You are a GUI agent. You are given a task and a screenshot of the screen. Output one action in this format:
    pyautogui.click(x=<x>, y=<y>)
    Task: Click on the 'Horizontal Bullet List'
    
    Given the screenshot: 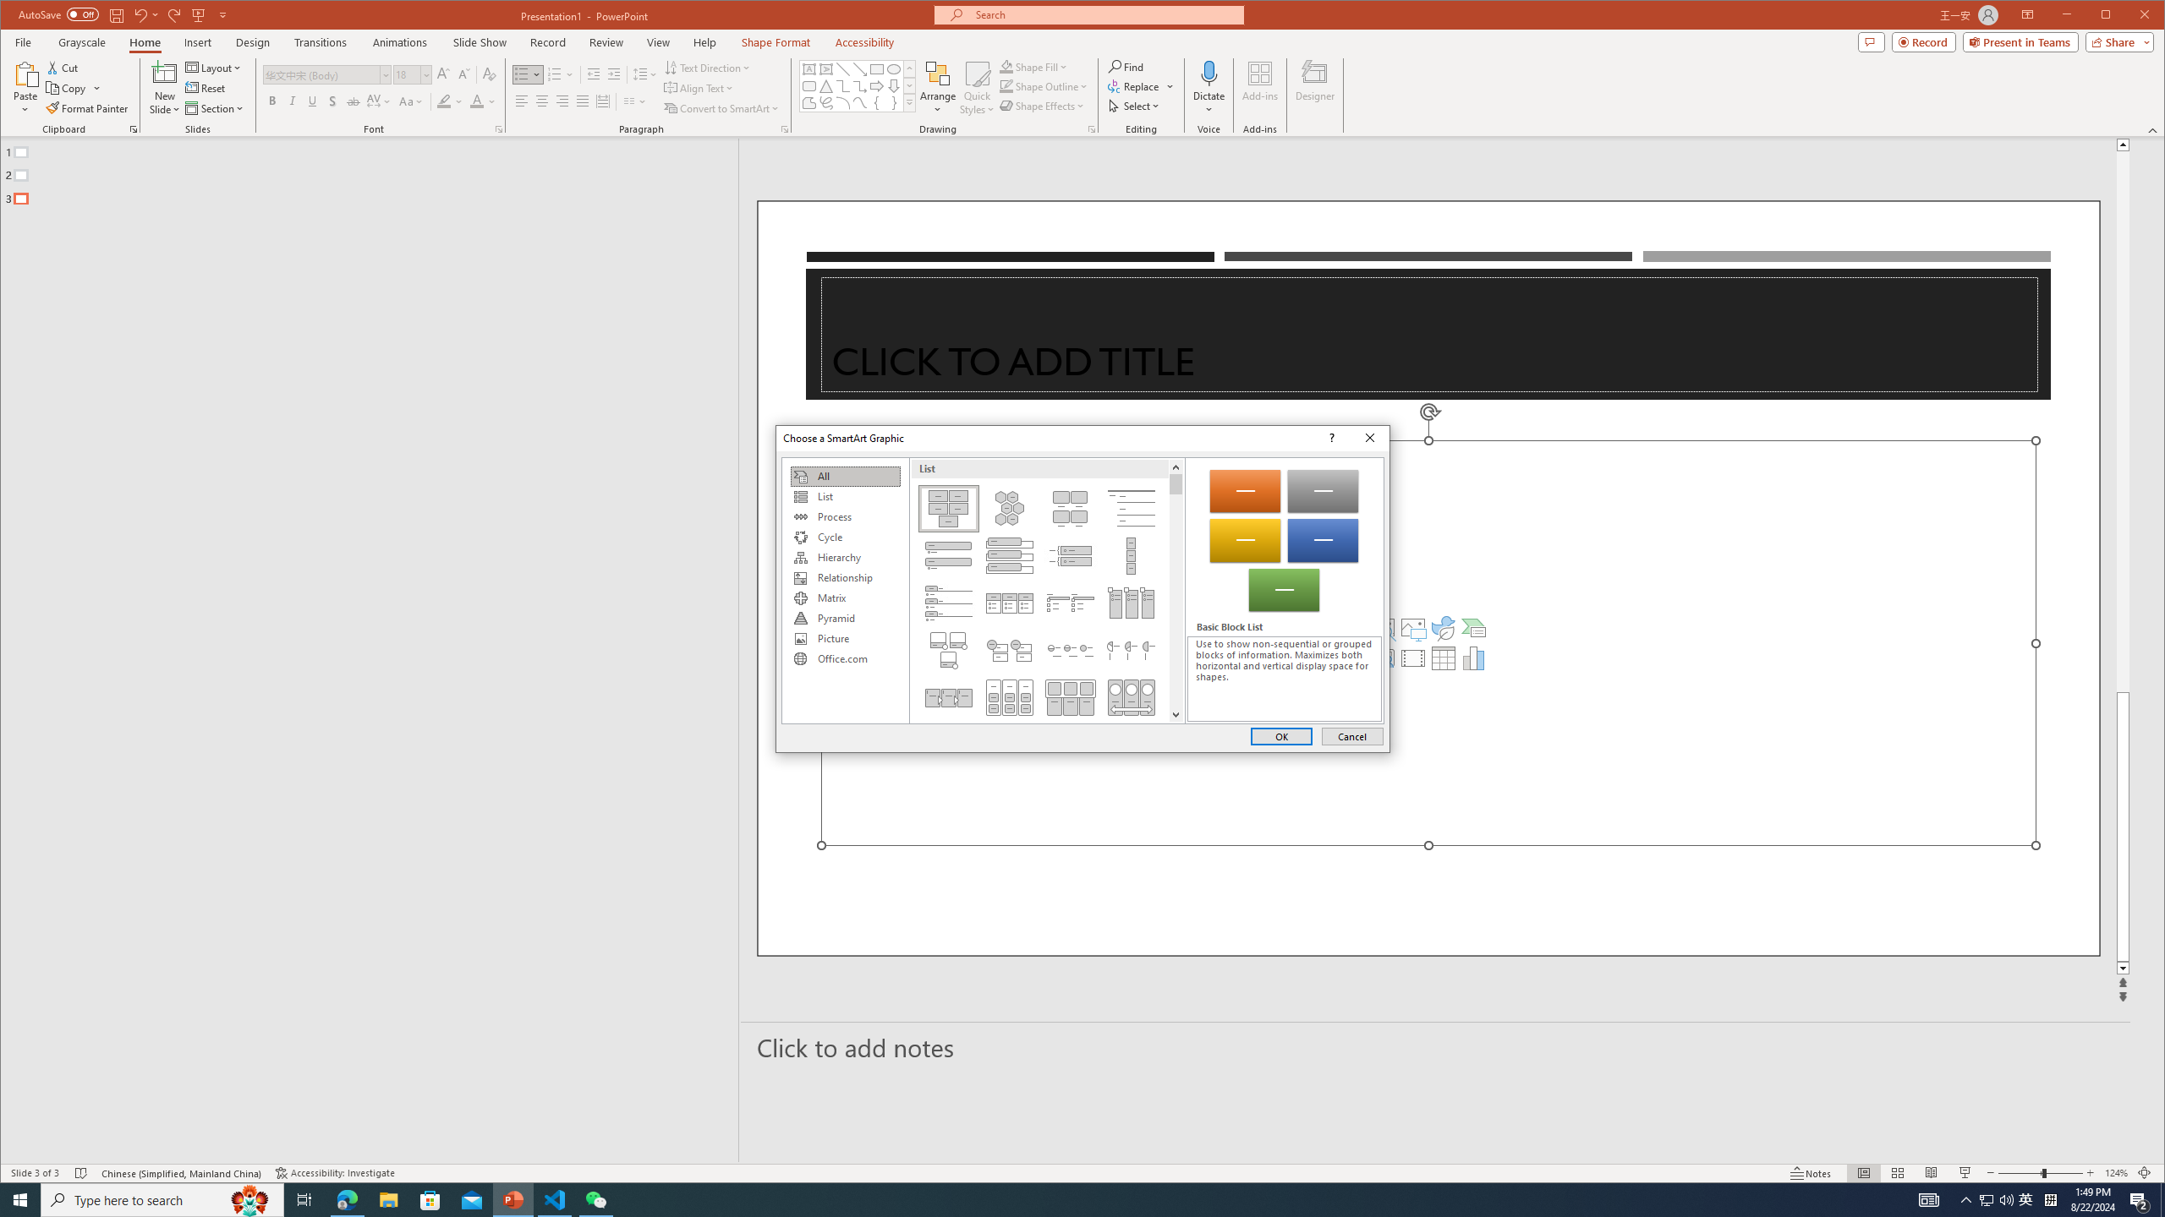 What is the action you would take?
    pyautogui.click(x=1007, y=602)
    